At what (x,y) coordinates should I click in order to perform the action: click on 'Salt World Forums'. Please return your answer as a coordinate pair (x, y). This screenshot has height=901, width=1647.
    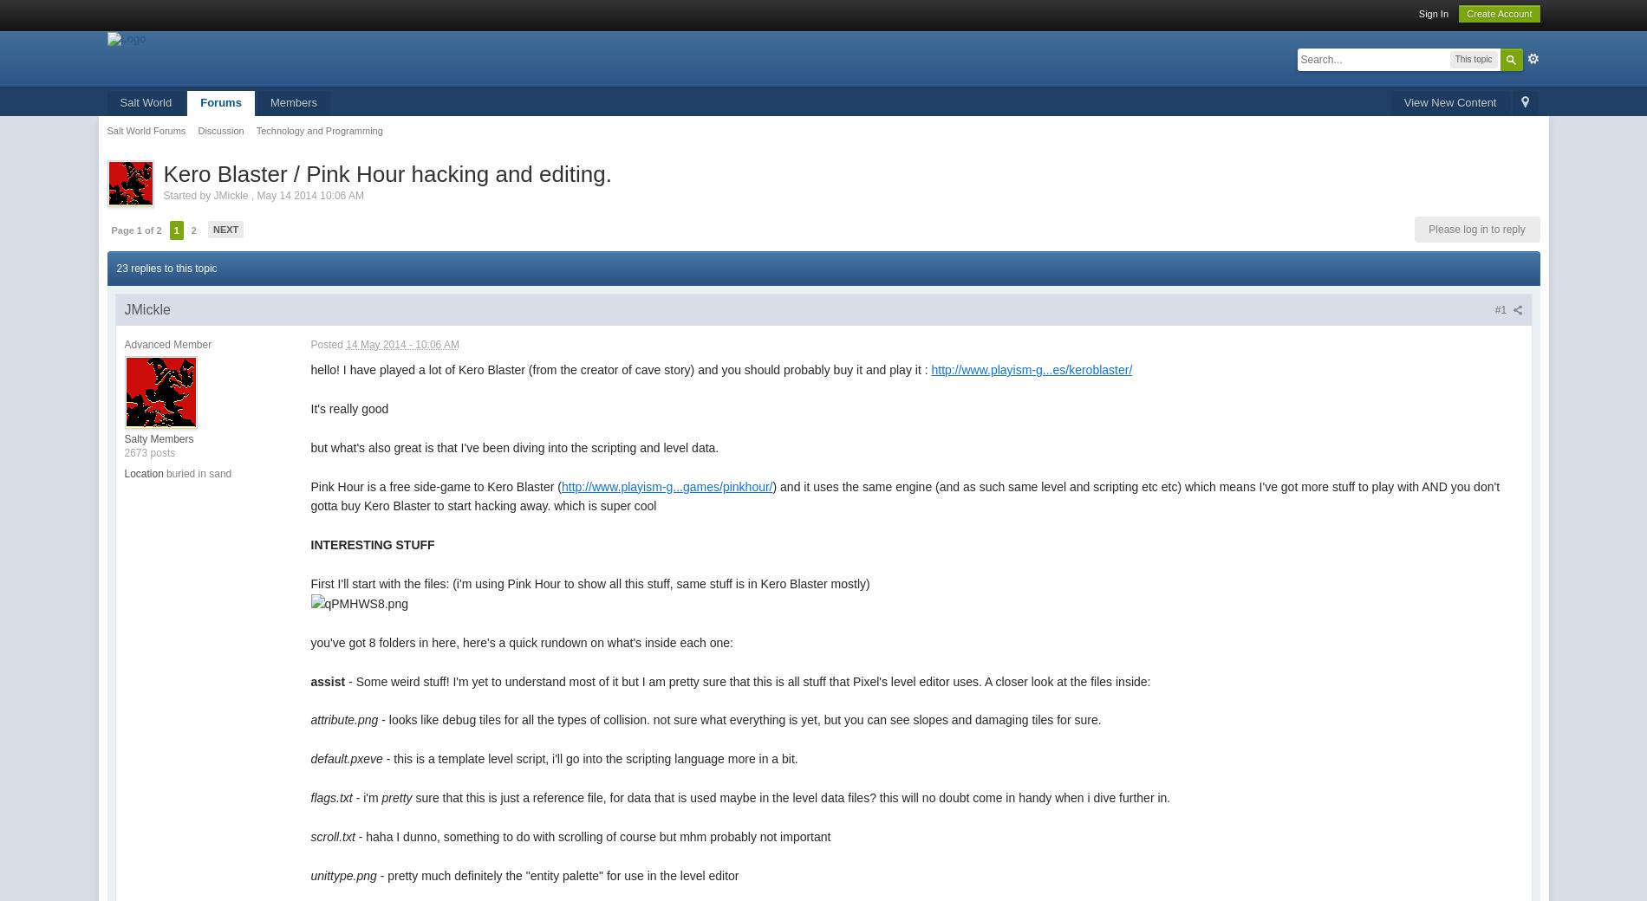
    Looking at the image, I should click on (146, 131).